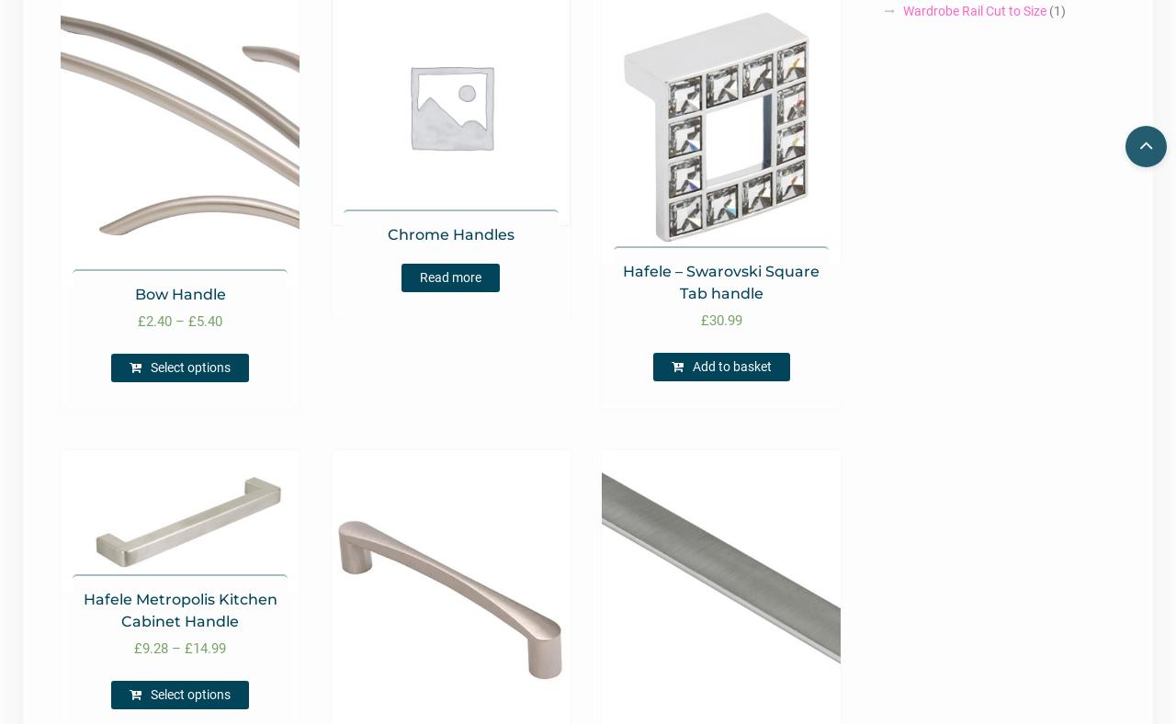 The height and width of the screenshot is (724, 1176). What do you see at coordinates (209, 648) in the screenshot?
I see `'14.99'` at bounding box center [209, 648].